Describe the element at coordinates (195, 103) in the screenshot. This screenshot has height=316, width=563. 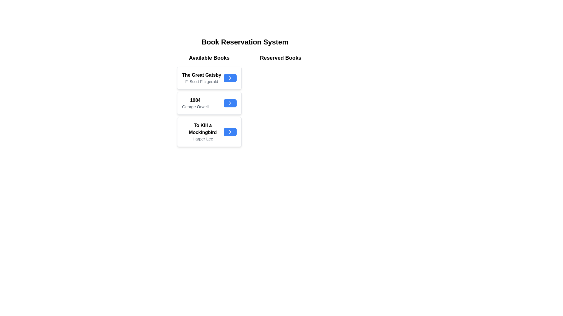
I see `the text block that presents the title and author of a book, located centrally in the second item of the 'Available Books' list` at that location.